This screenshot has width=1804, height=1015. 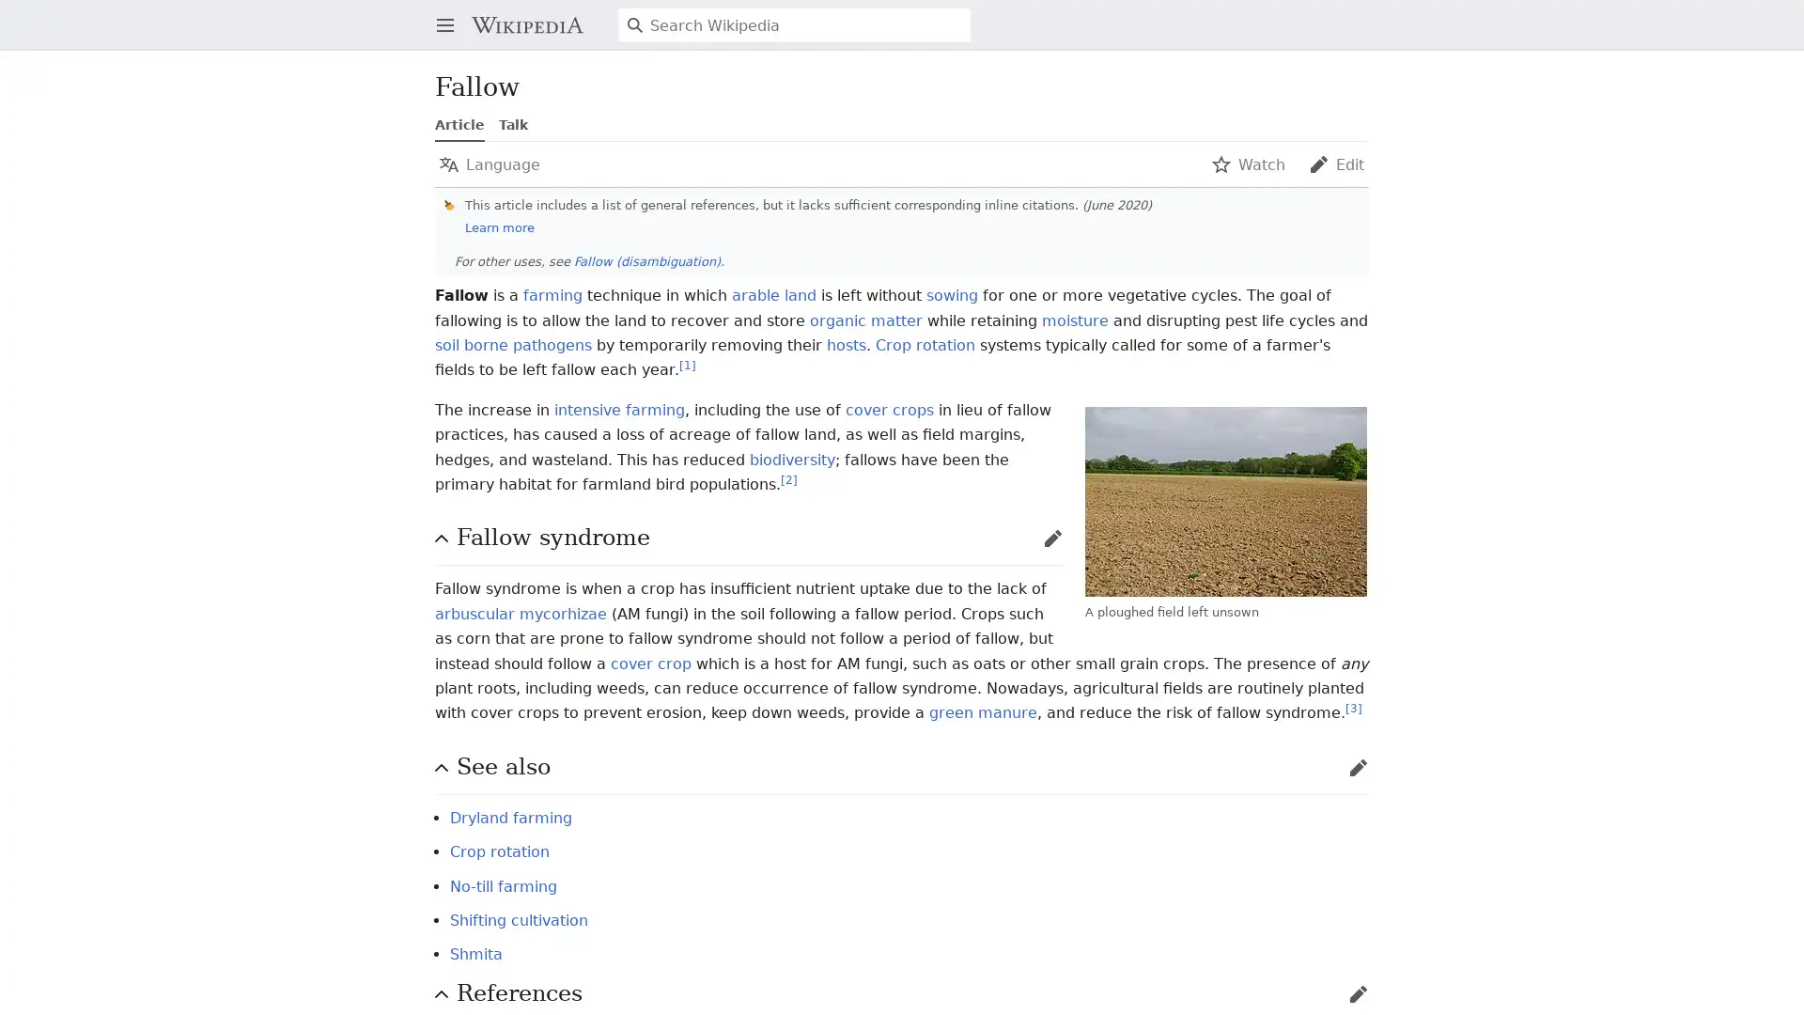 What do you see at coordinates (1248, 163) in the screenshot?
I see `Watch` at bounding box center [1248, 163].